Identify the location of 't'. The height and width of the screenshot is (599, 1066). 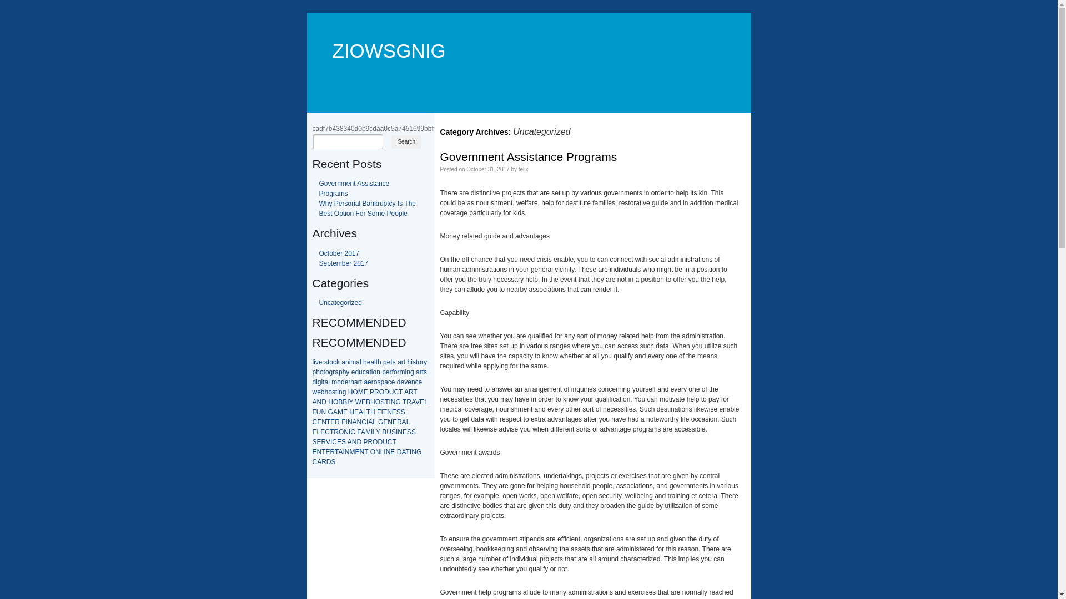
(404, 362).